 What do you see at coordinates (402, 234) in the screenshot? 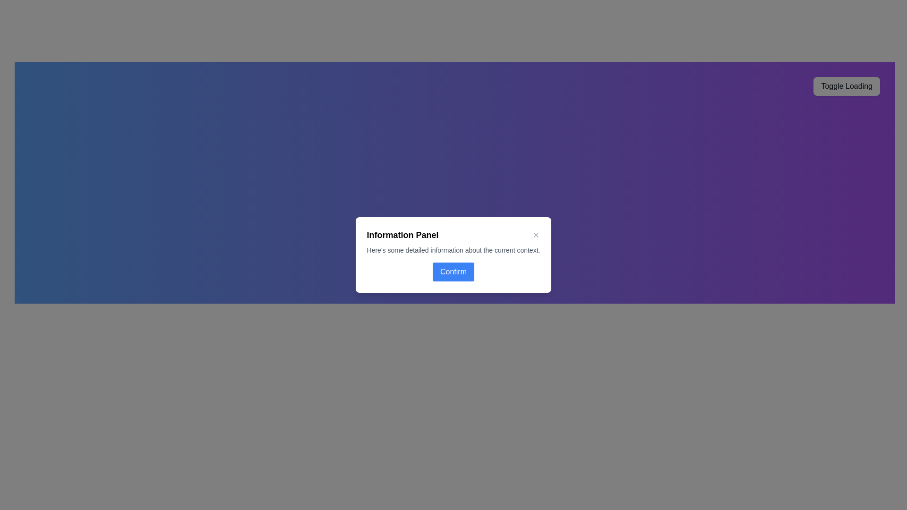
I see `text label displaying 'Information Panel' in bold, black font located at the top of the dialog box` at bounding box center [402, 234].